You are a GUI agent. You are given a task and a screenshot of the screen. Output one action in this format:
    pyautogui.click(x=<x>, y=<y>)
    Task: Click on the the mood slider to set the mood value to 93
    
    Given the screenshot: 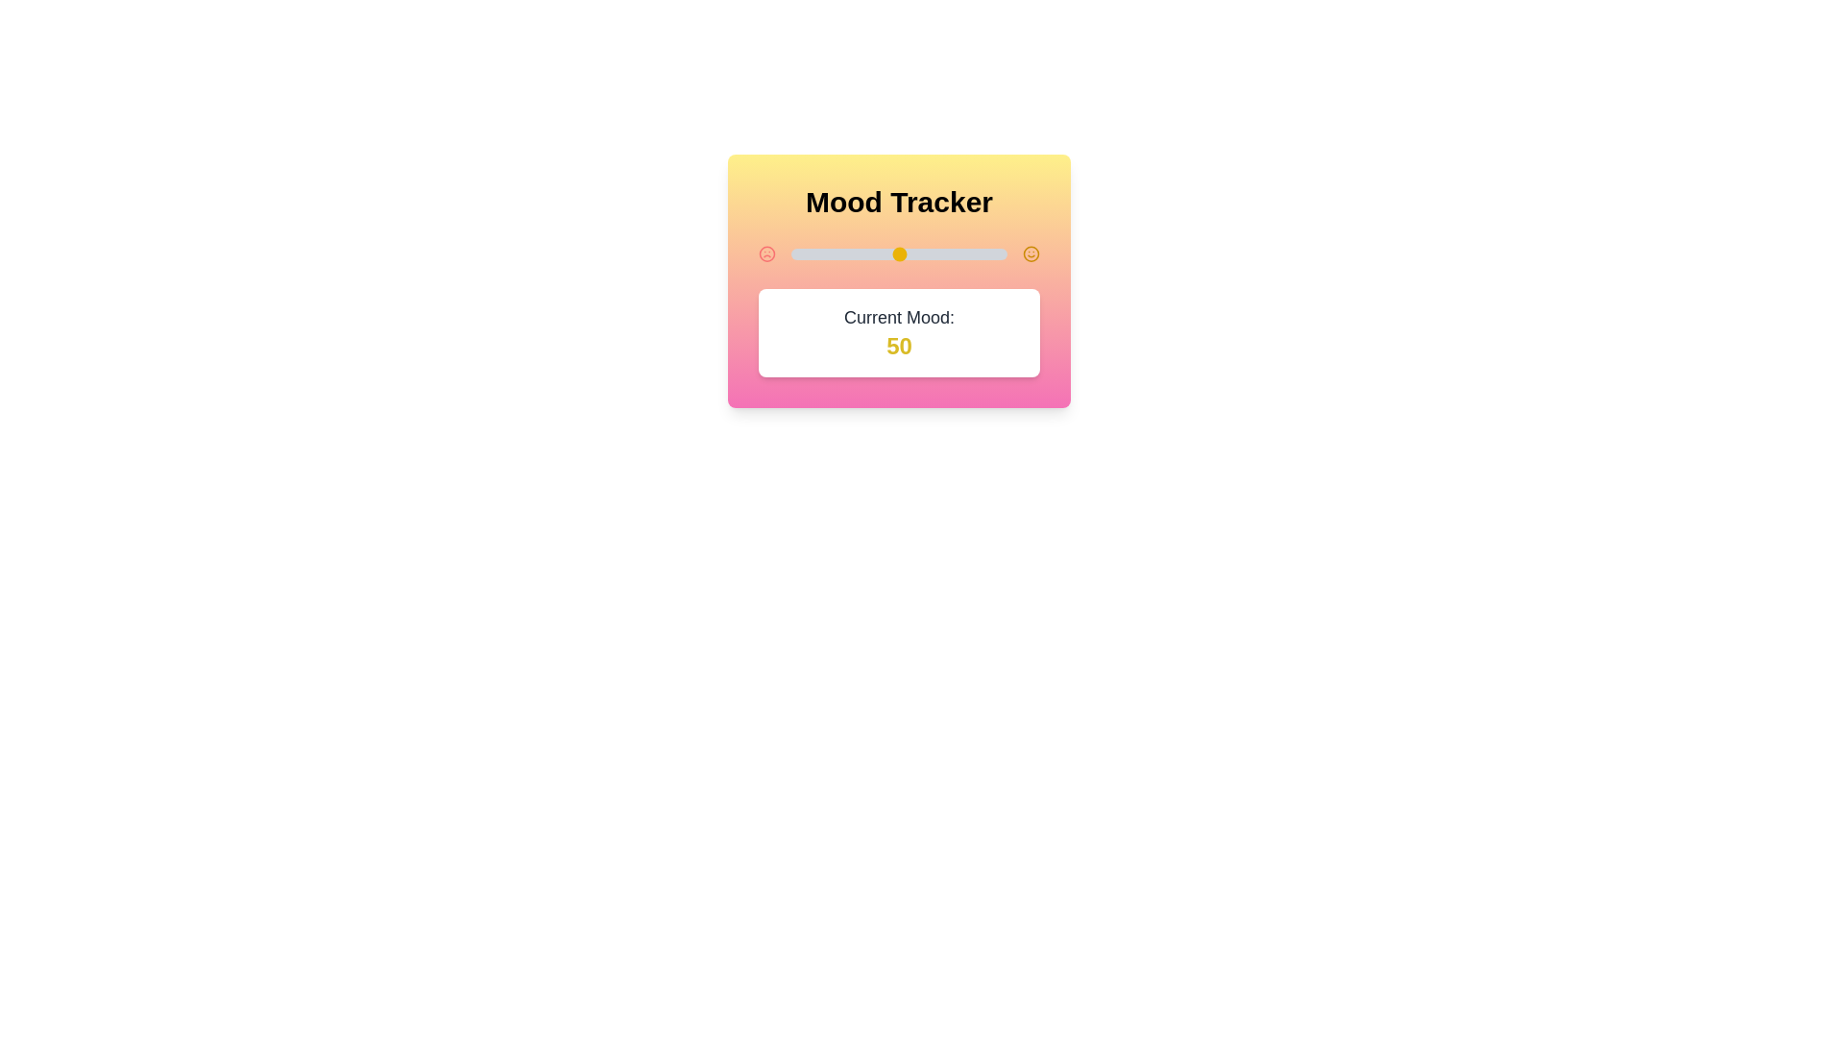 What is the action you would take?
    pyautogui.click(x=991, y=253)
    